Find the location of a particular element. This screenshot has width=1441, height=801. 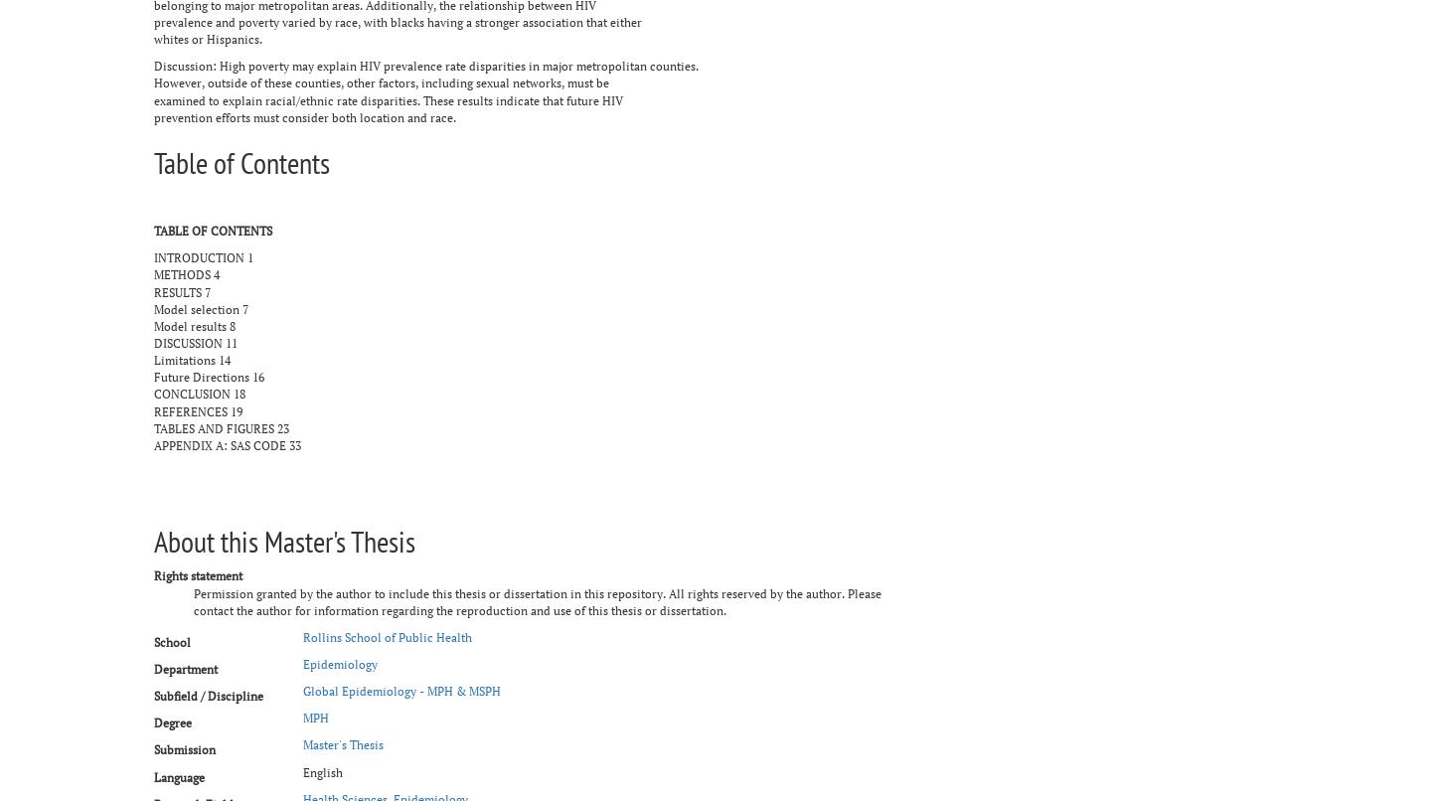

'TABLES AND FIGURES 23' is located at coordinates (153, 427).